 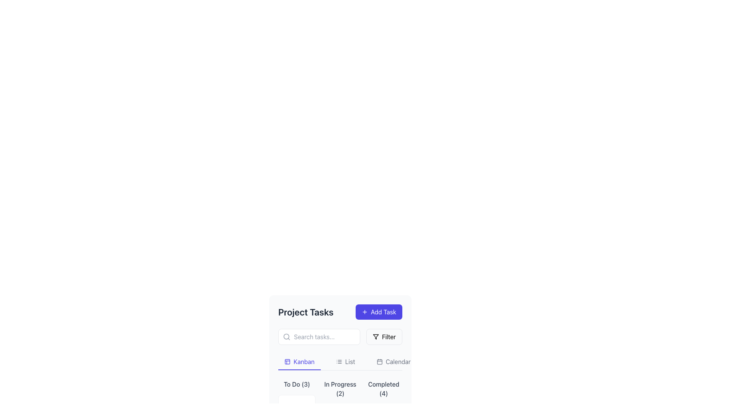 What do you see at coordinates (340, 362) in the screenshot?
I see `the 'List' view tab in the Navigation Tab of the task management interface to switch the display to a list format` at bounding box center [340, 362].